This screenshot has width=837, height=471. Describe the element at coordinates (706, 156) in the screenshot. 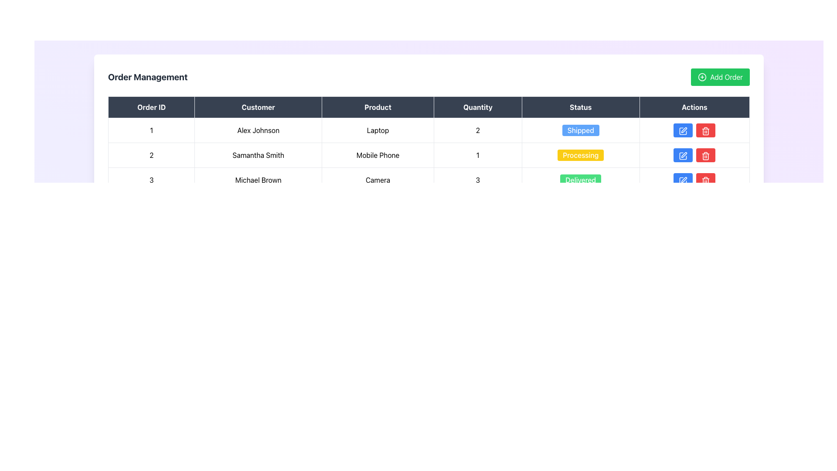

I see `the main part of the trash can icon in the 'Actions' column of the third row for Michael Brown's Camera purchase` at that location.